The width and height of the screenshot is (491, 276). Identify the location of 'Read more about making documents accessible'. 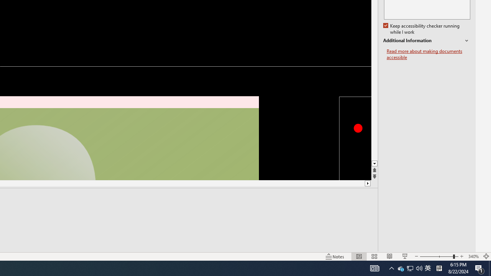
(428, 54).